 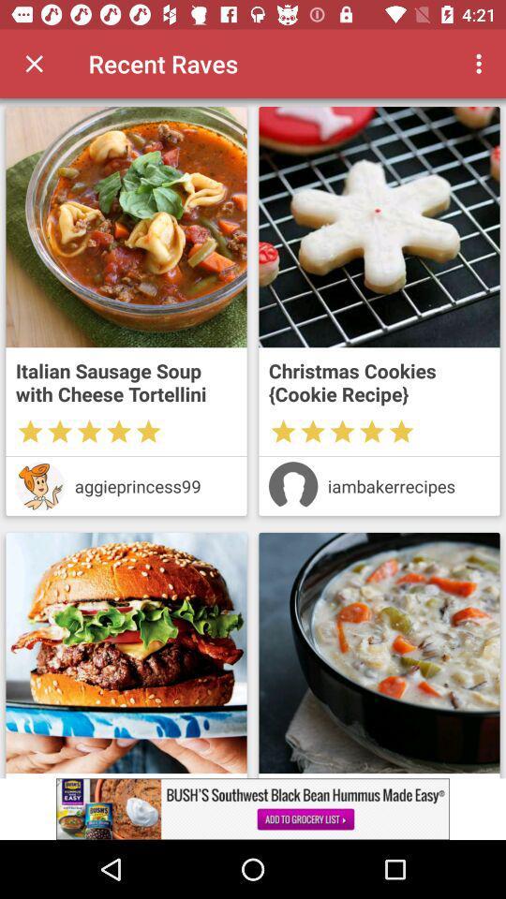 I want to click on princeliness, so click(x=40, y=485).